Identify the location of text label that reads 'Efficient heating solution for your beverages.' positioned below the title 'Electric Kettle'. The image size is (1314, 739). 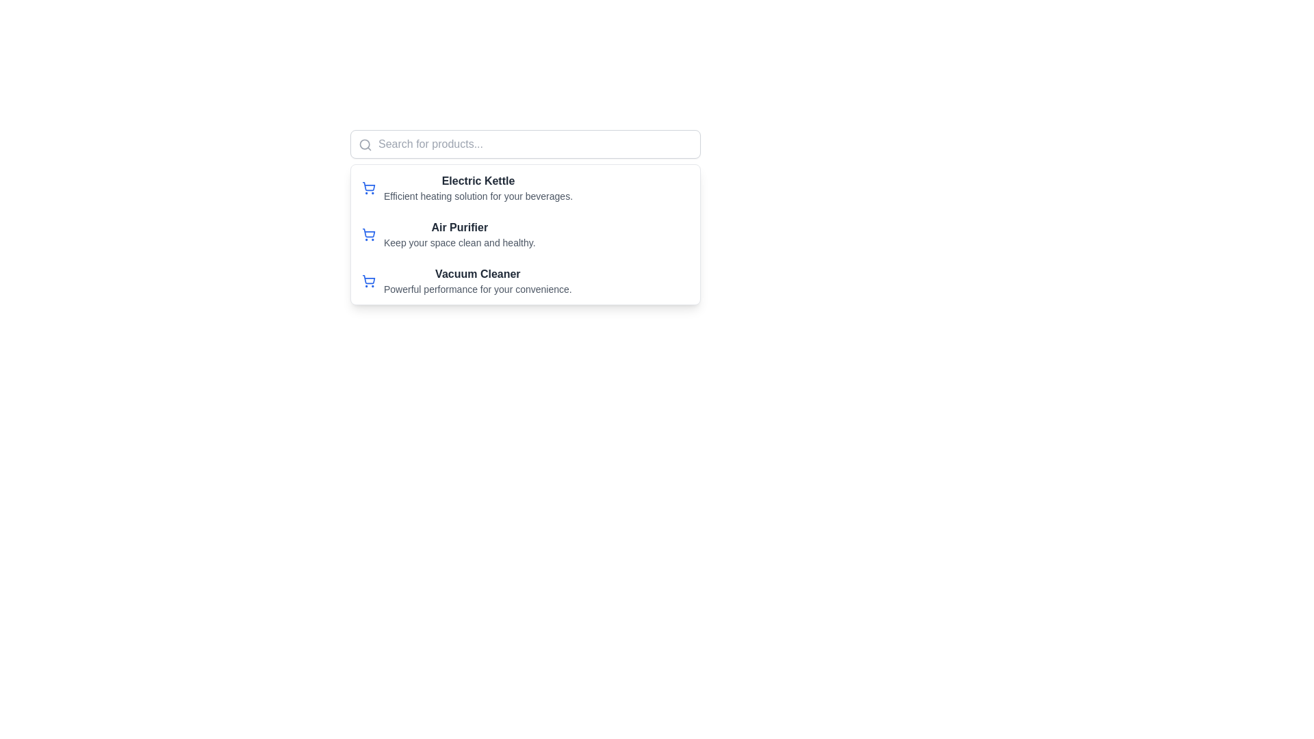
(478, 196).